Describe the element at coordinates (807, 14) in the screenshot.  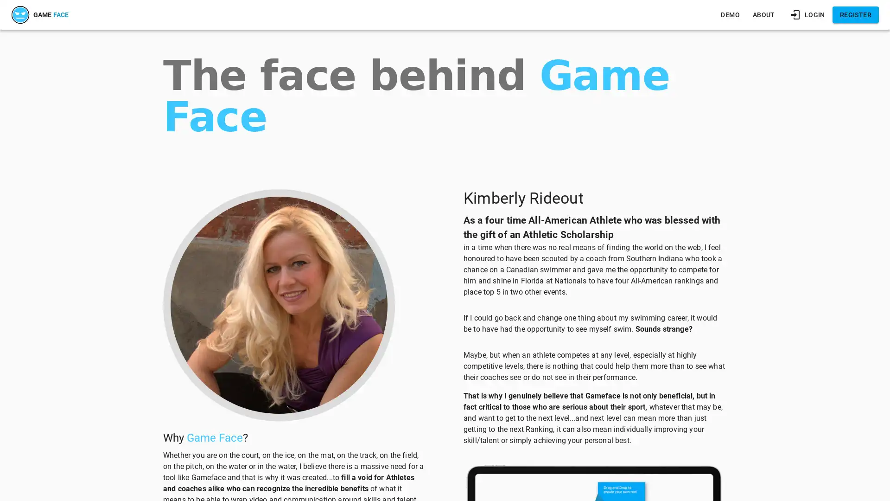
I see `LOGIN` at that location.